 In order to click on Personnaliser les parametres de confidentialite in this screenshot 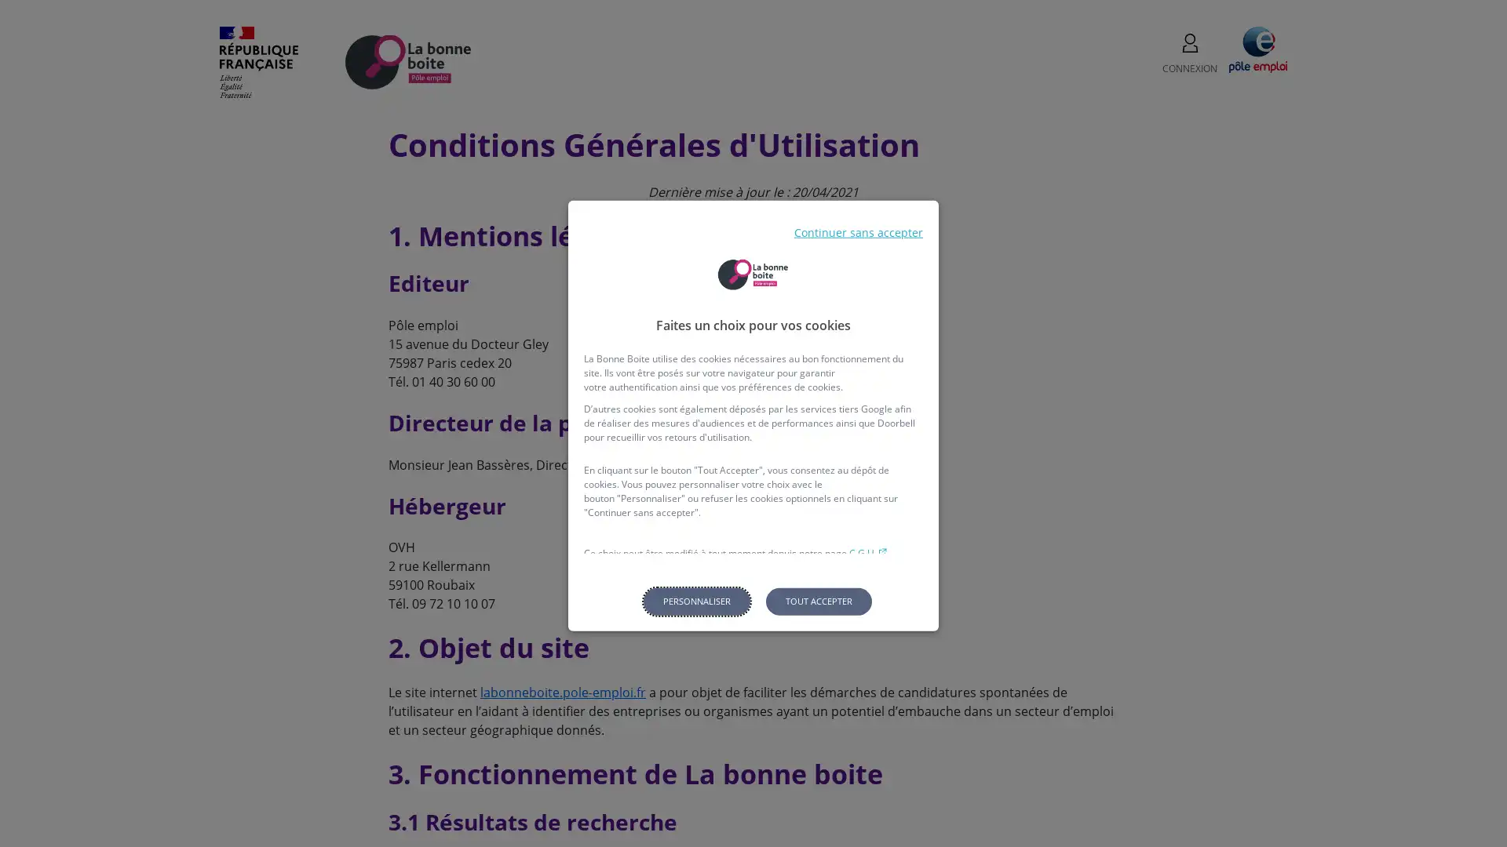, I will do `click(695, 600)`.